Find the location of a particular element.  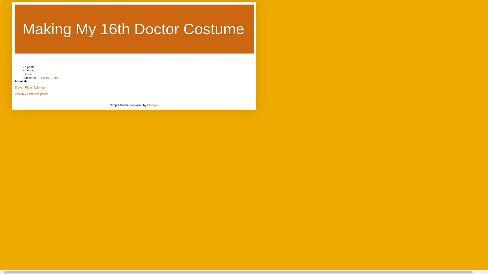

'Steven Ricks Tailoring' is located at coordinates (29, 87).